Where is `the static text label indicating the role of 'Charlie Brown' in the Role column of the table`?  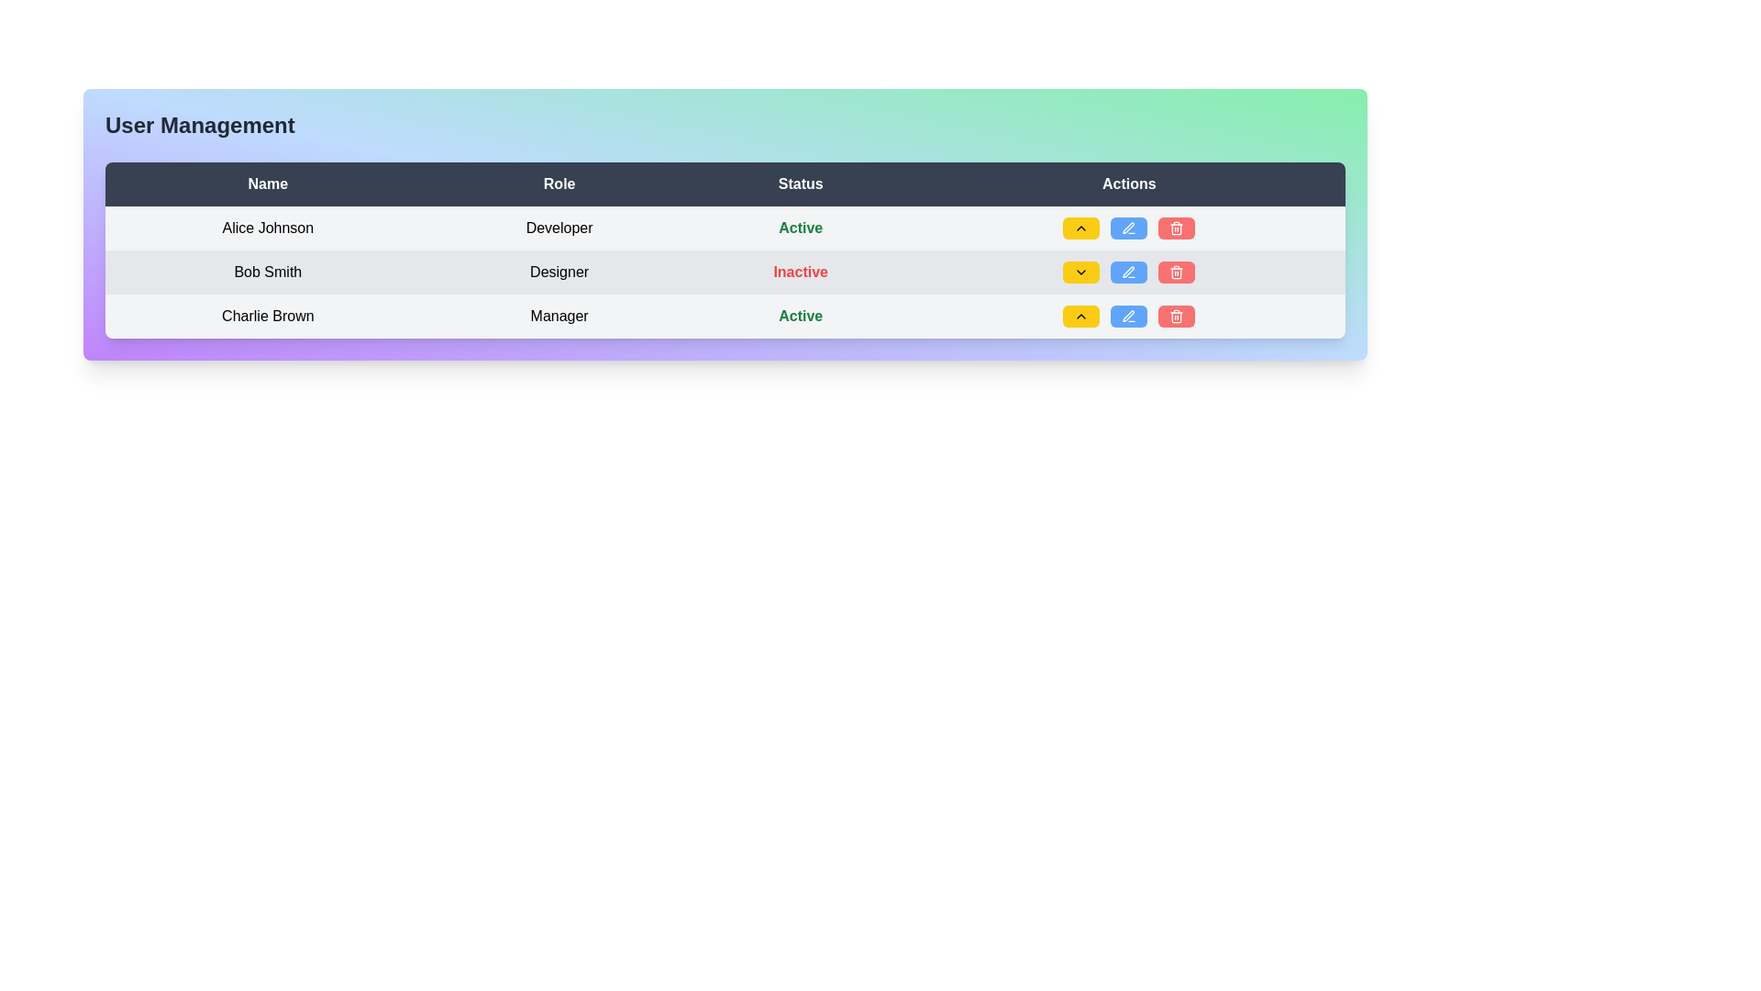
the static text label indicating the role of 'Charlie Brown' in the Role column of the table is located at coordinates (559, 315).